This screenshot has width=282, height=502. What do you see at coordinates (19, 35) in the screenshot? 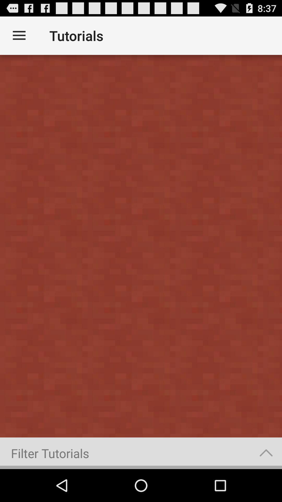
I see `the item next to tutorials app` at bounding box center [19, 35].